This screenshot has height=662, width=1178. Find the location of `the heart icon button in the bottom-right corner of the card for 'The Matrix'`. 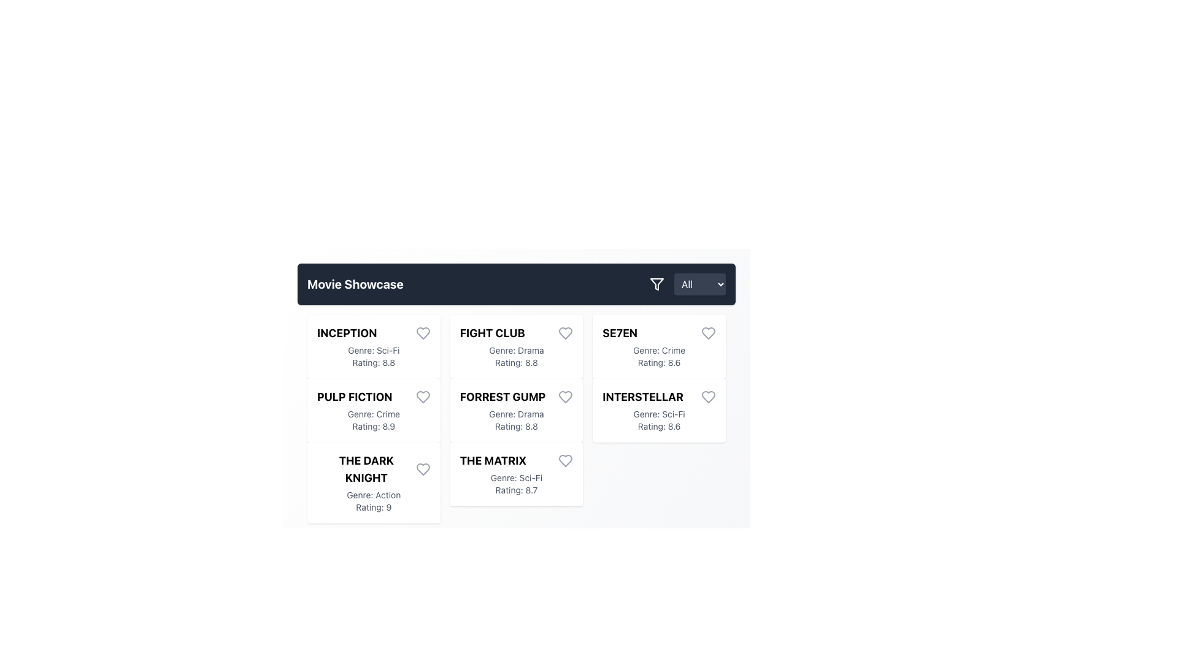

the heart icon button in the bottom-right corner of the card for 'The Matrix' is located at coordinates (565, 461).